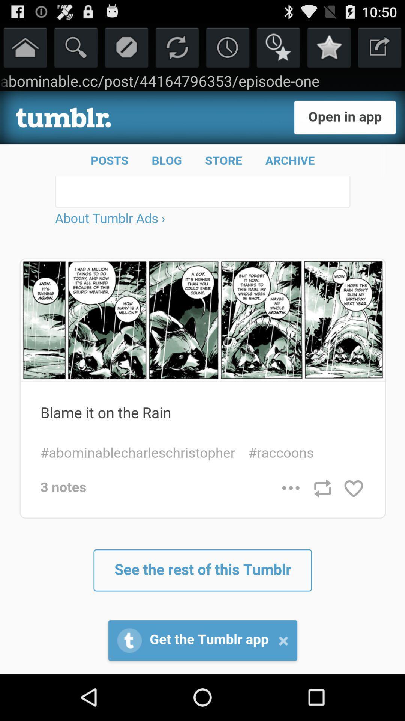  Describe the element at coordinates (328, 50) in the screenshot. I see `the star icon` at that location.